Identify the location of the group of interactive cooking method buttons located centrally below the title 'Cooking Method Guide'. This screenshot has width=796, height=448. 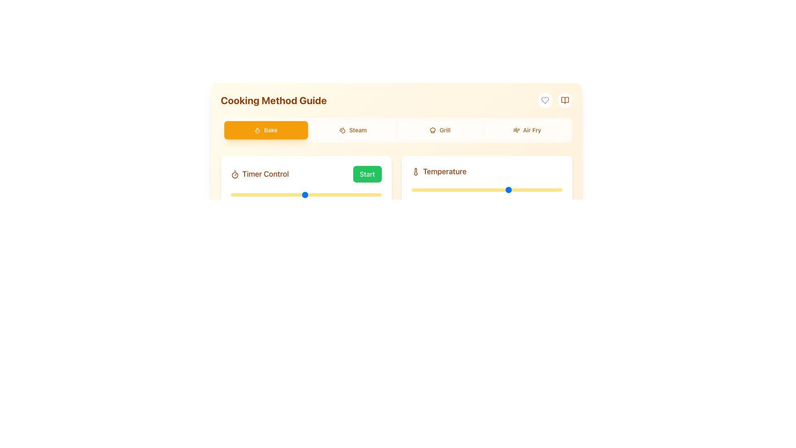
(396, 130).